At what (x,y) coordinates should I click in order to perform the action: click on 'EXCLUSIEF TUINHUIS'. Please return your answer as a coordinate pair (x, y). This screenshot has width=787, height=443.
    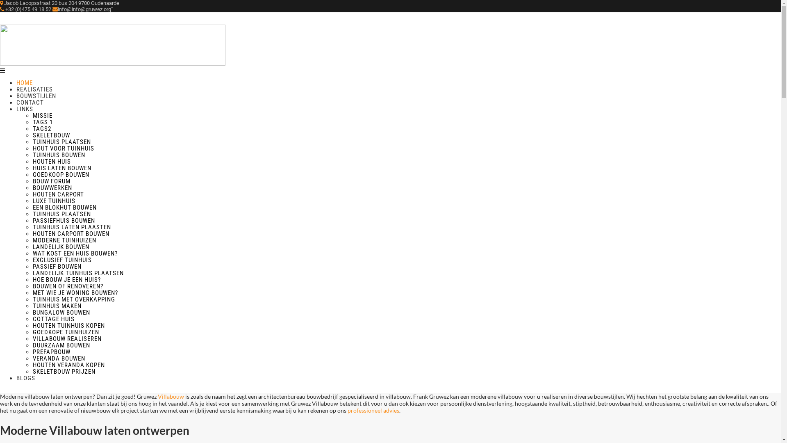
    Looking at the image, I should click on (62, 260).